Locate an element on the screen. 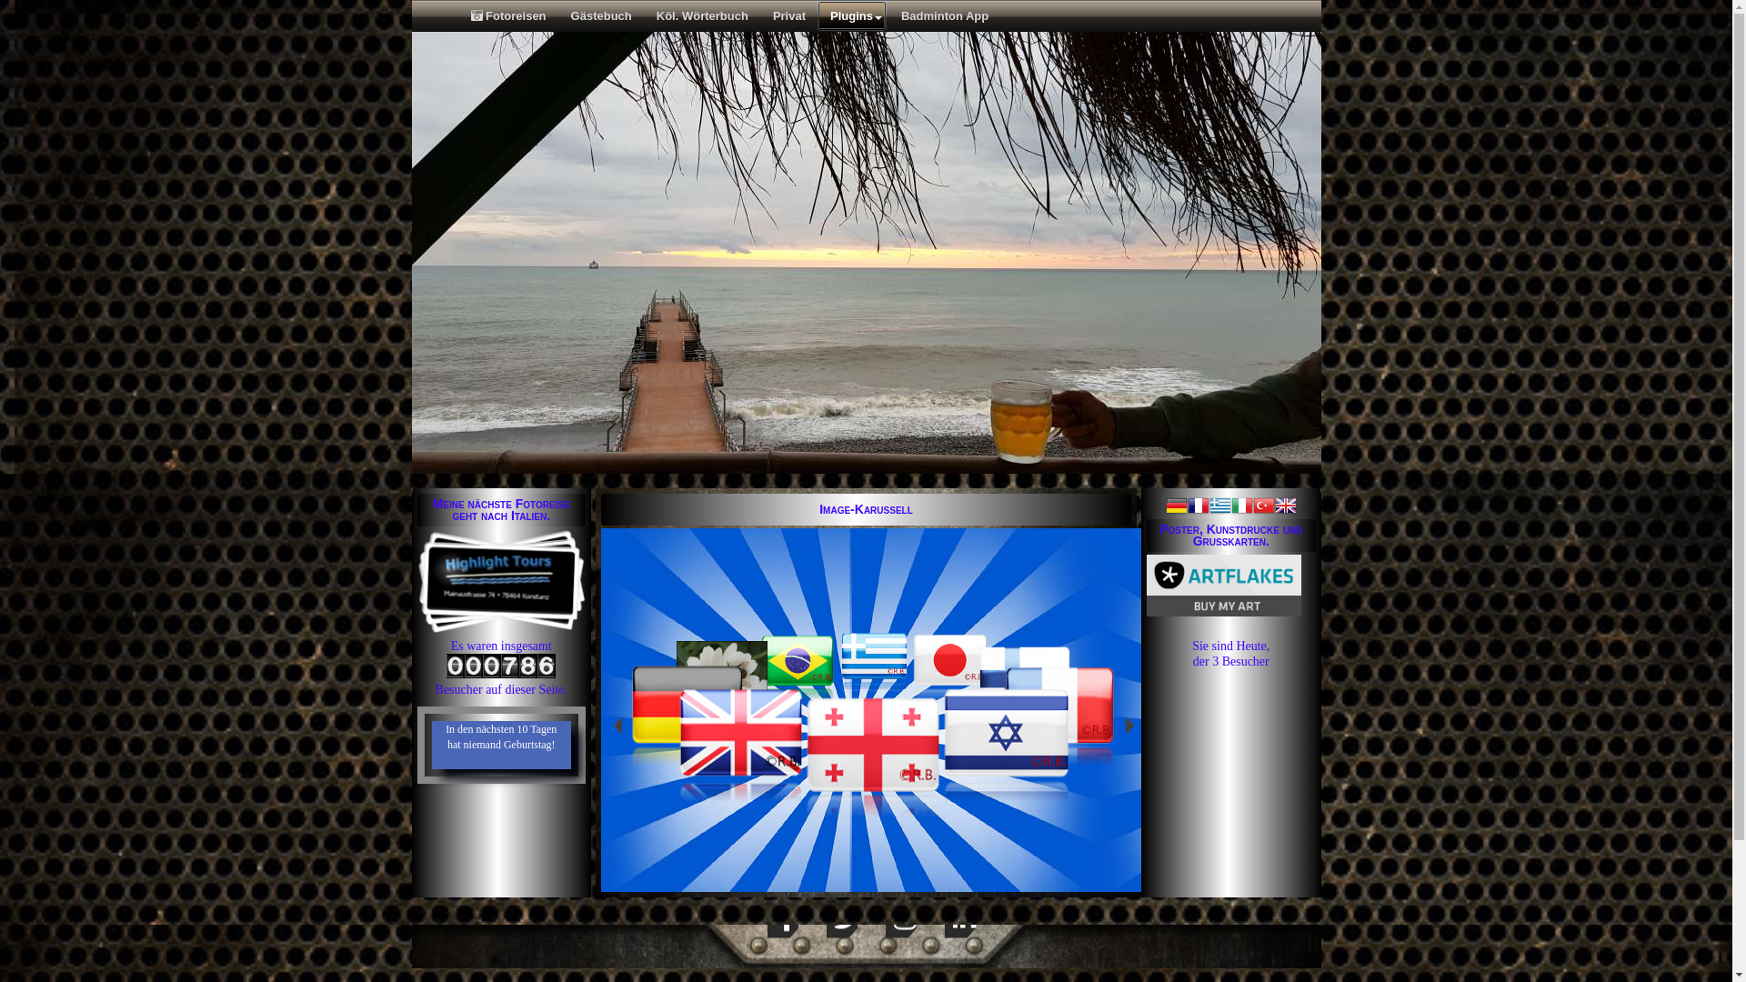  'Privat' is located at coordinates (788, 15).